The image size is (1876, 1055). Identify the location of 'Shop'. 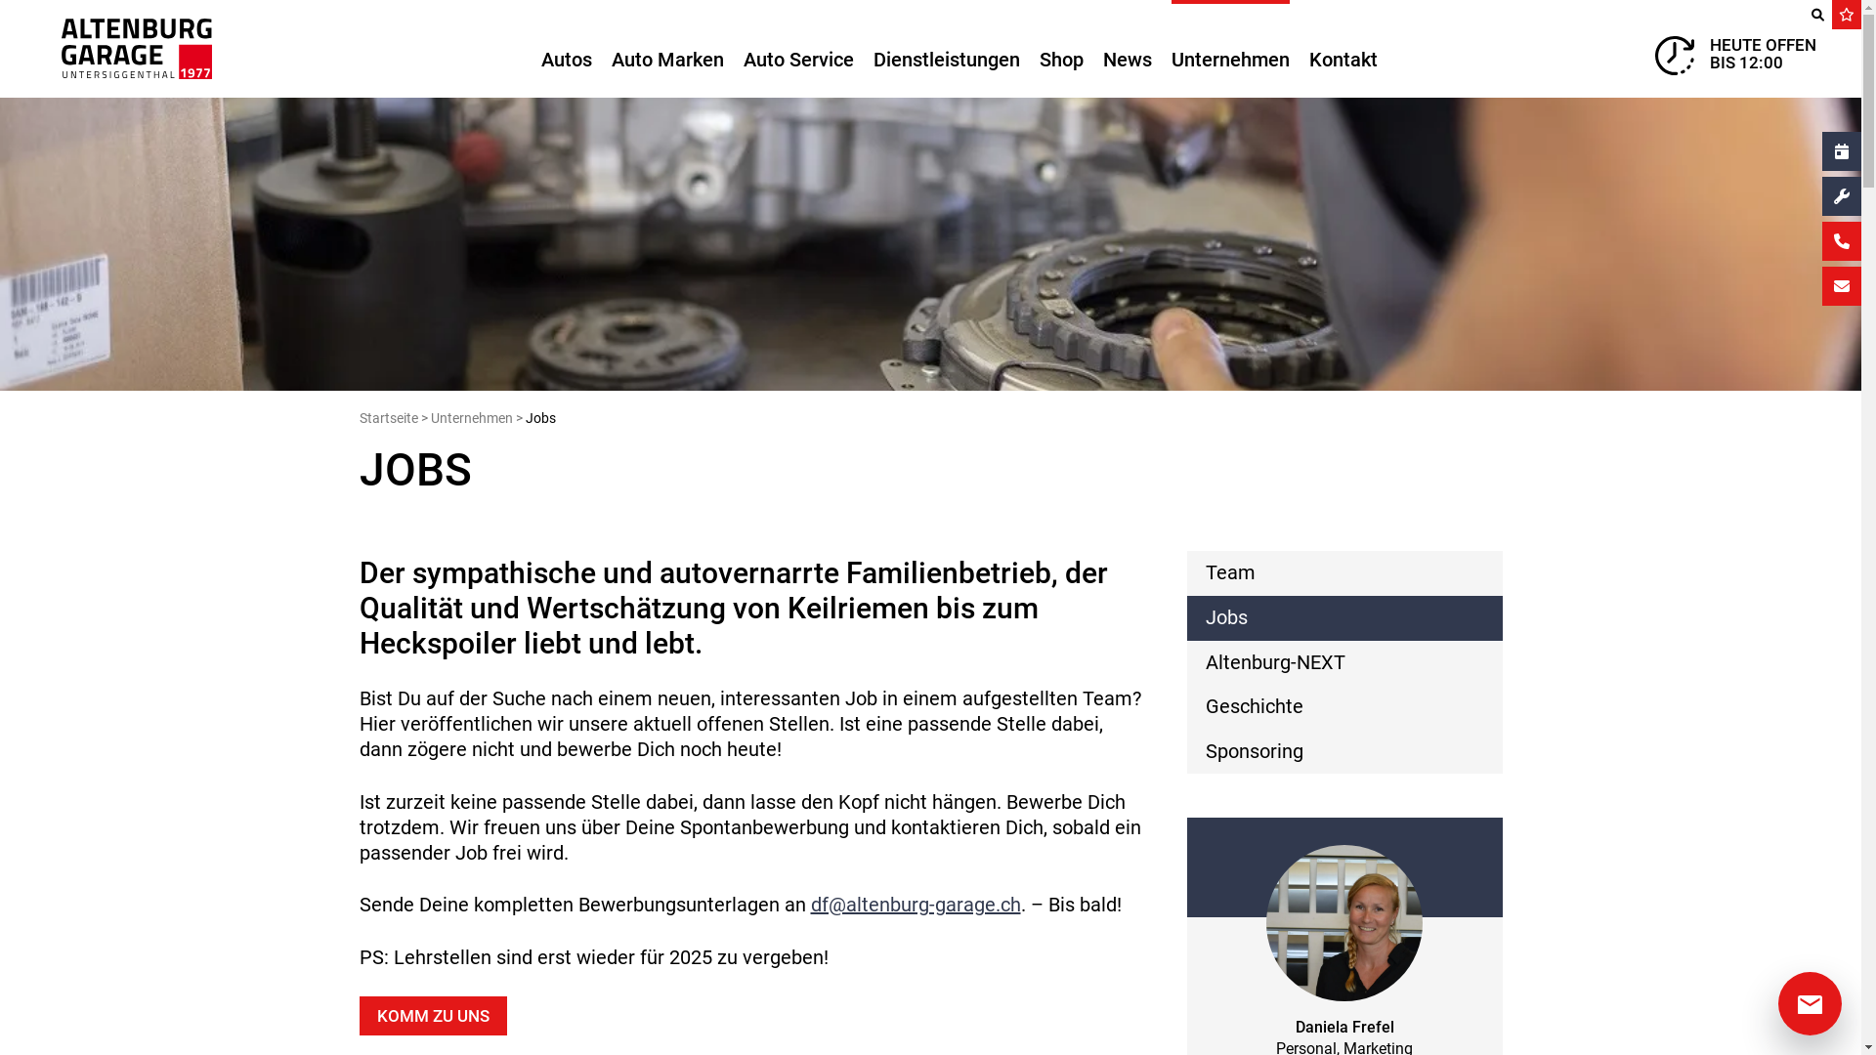
(1060, 48).